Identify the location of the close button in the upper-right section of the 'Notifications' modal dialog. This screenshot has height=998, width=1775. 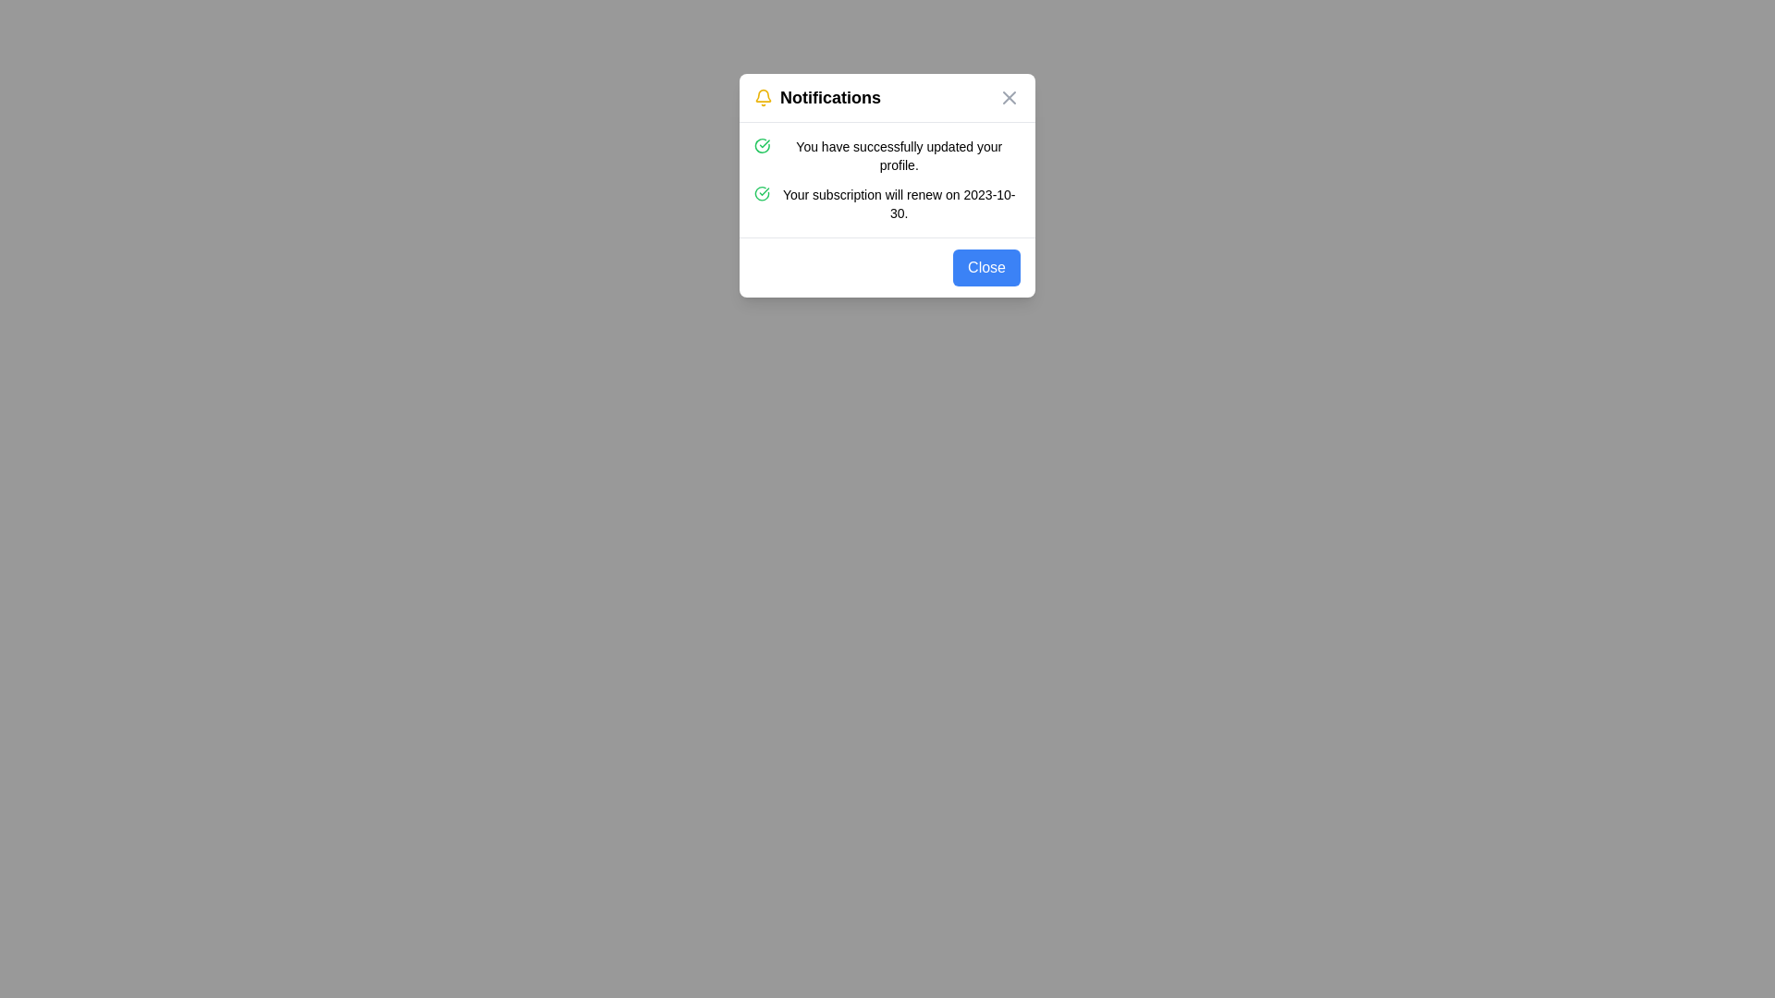
(1008, 97).